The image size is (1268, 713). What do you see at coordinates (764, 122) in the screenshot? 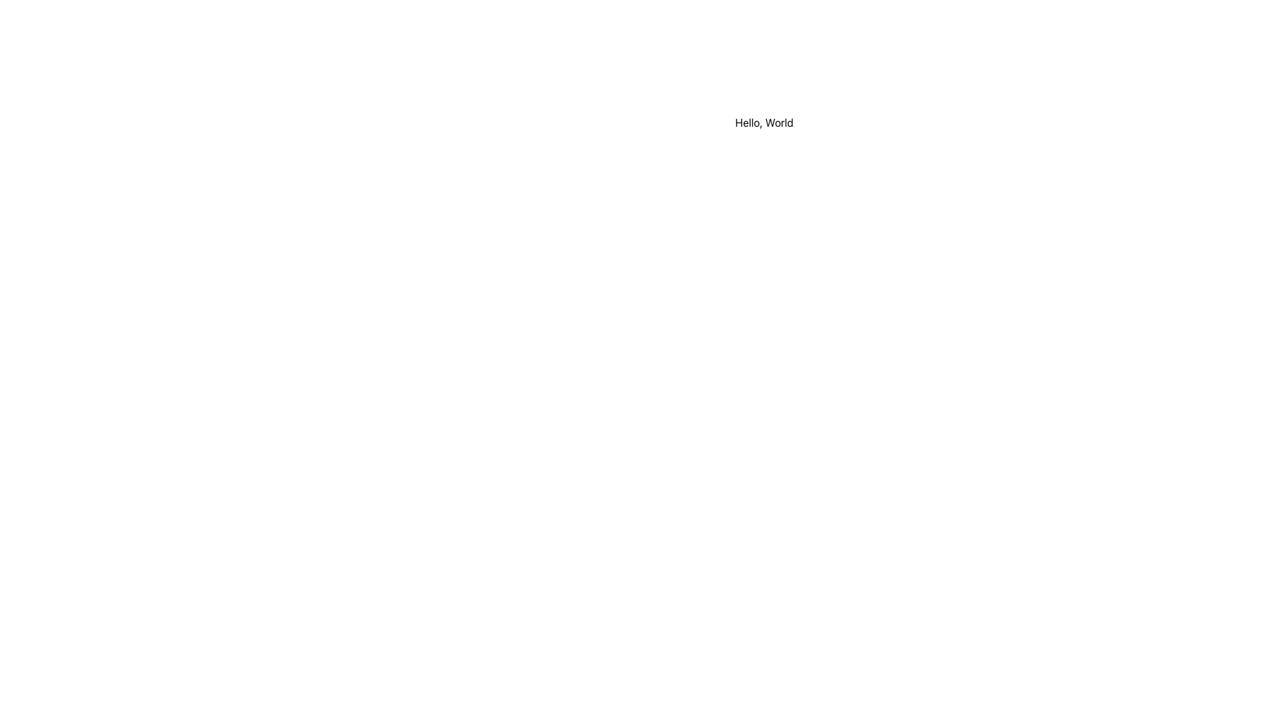
I see `the Static Text Label displaying 'Hello, World' in a sans-serif font, centered horizontally within a white background` at bounding box center [764, 122].